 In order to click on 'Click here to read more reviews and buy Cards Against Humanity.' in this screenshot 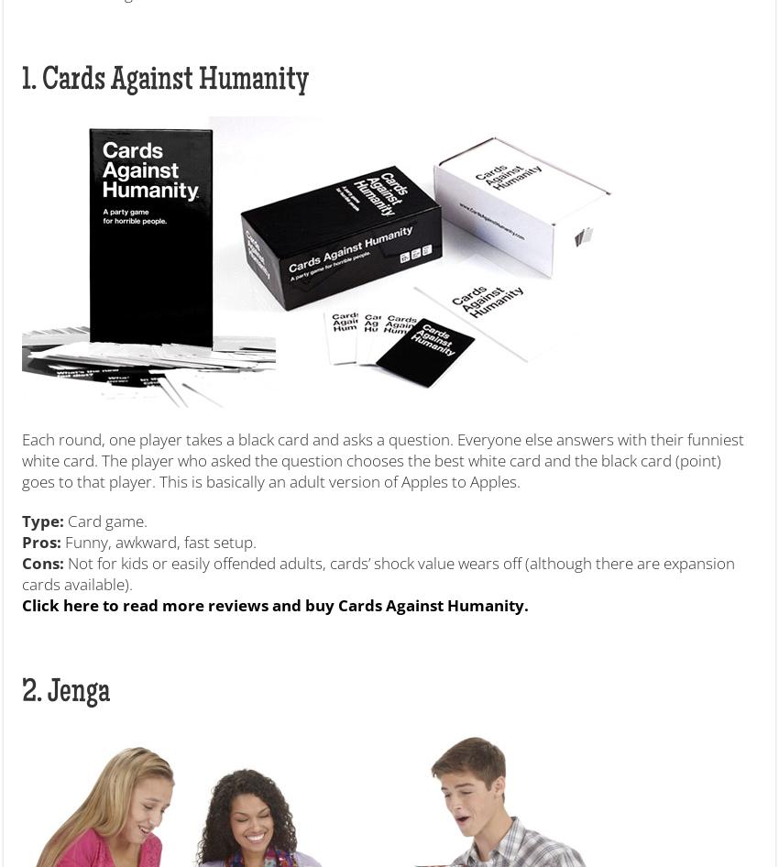, I will do `click(20, 604)`.